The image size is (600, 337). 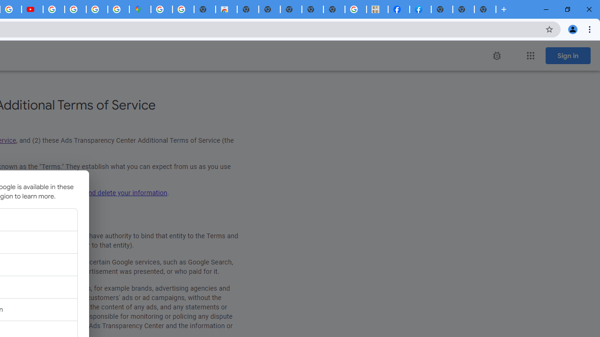 What do you see at coordinates (496, 56) in the screenshot?
I see `'To get missing image descriptions, open the context menu.'` at bounding box center [496, 56].